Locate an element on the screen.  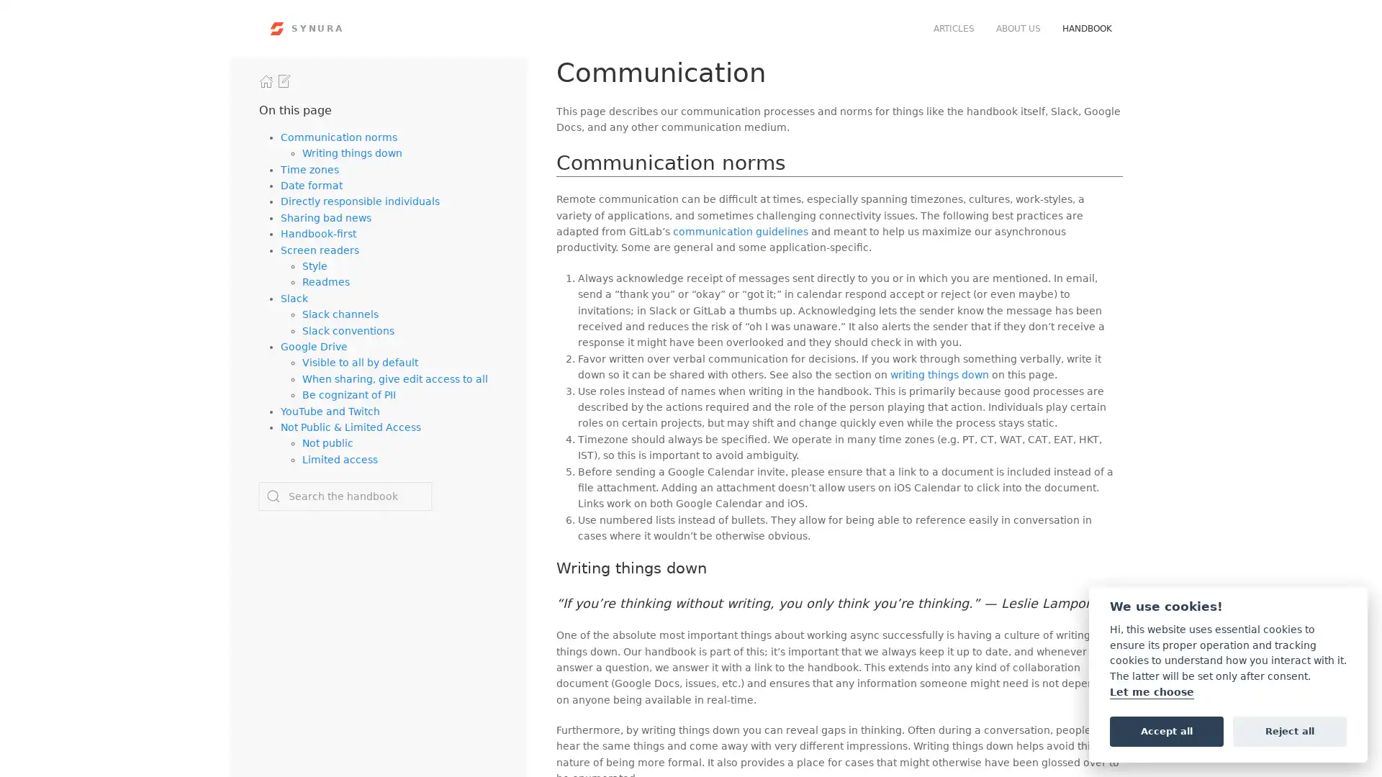
Reject all is located at coordinates (1289, 730).